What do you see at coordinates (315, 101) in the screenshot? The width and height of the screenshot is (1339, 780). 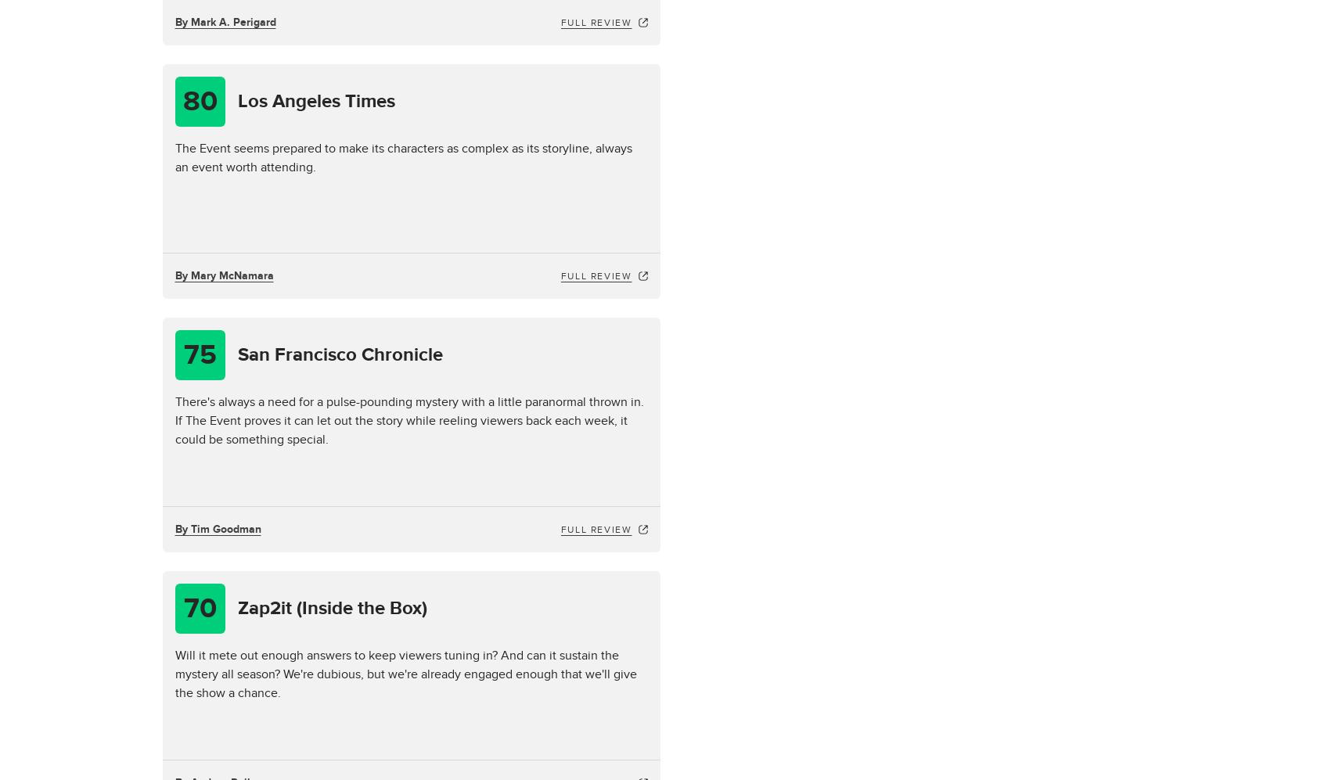 I see `'Los Angeles Times'` at bounding box center [315, 101].